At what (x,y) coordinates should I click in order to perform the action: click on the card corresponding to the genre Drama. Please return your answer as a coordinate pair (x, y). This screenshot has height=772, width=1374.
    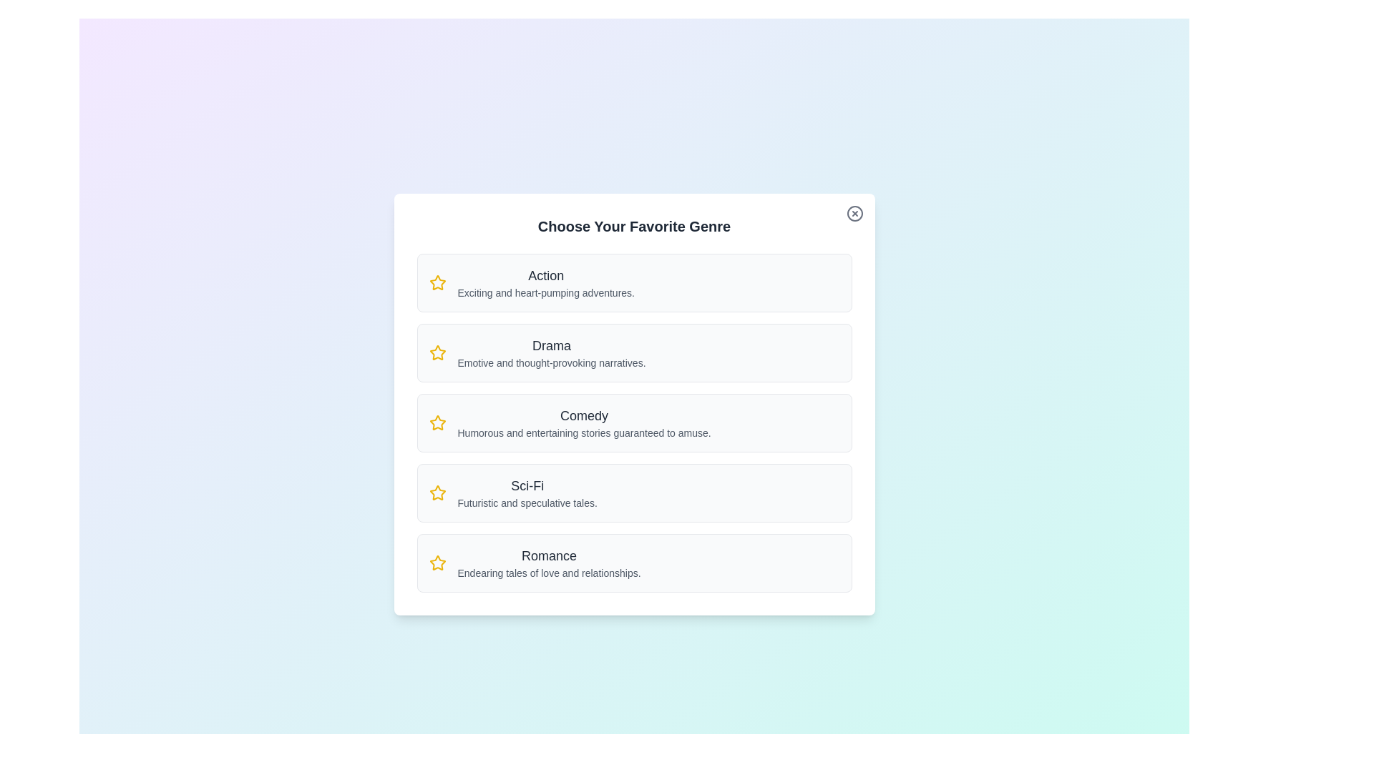
    Looking at the image, I should click on (633, 352).